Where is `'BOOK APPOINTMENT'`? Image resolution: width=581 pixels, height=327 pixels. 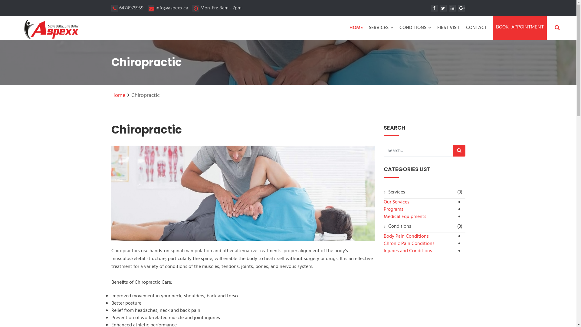
'BOOK APPOINTMENT' is located at coordinates (493, 28).